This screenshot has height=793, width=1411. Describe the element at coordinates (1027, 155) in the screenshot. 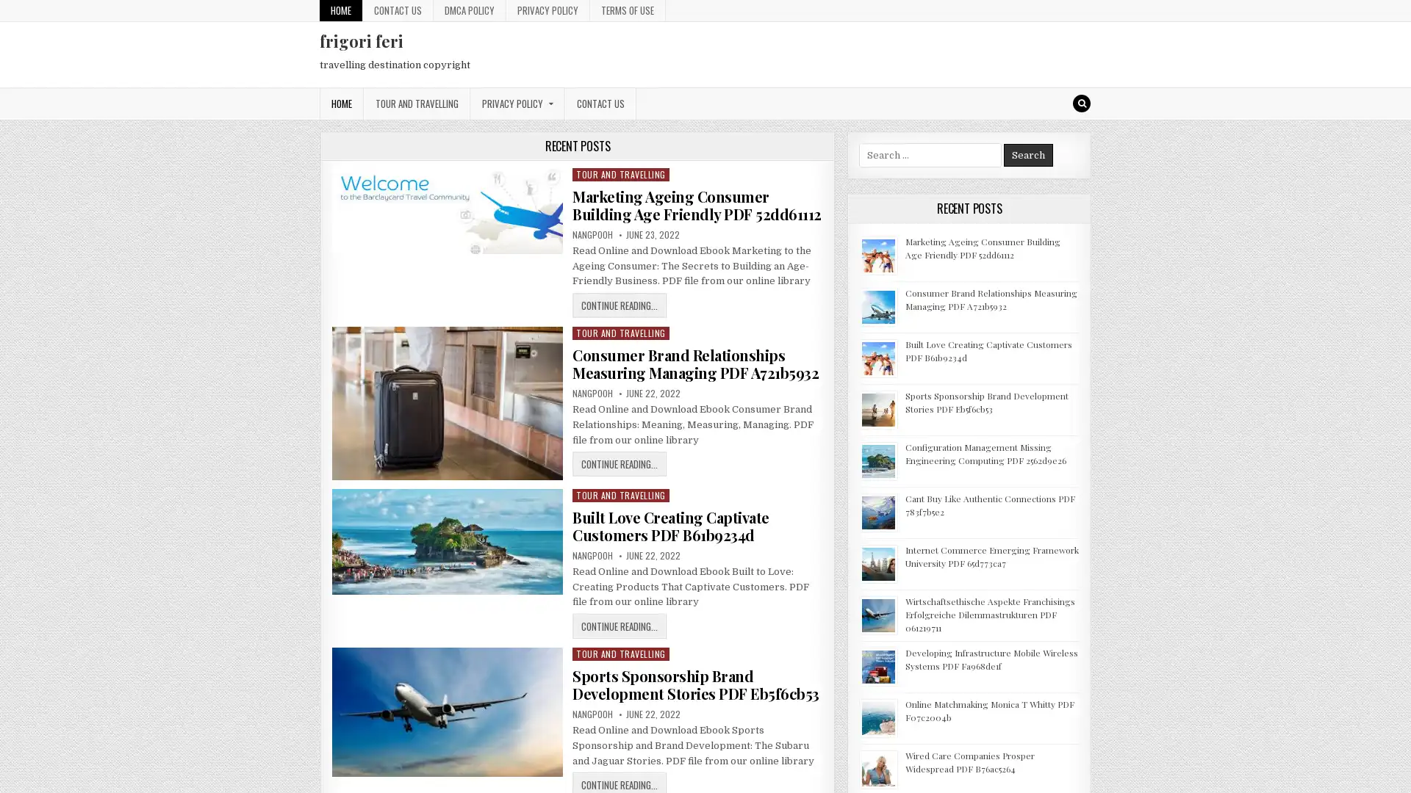

I see `Search` at that location.